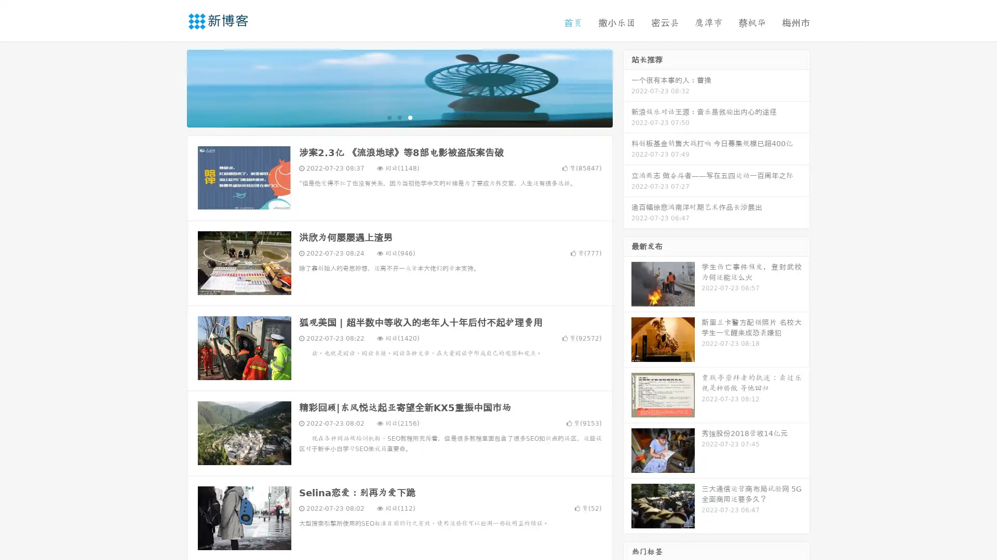  Describe the element at coordinates (627, 87) in the screenshot. I see `Next slide` at that location.